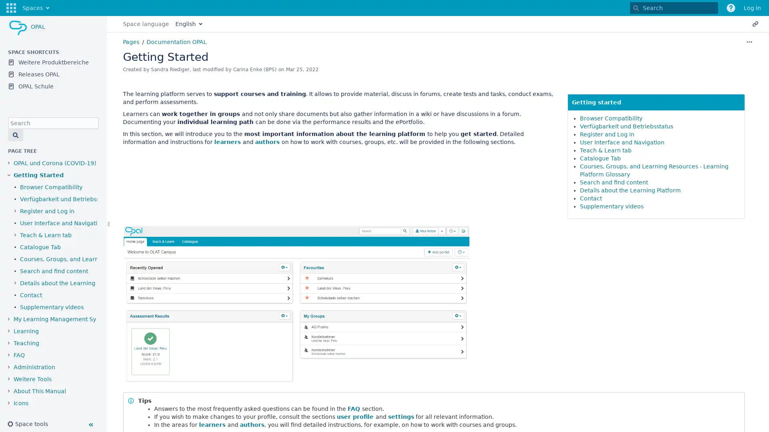 The width and height of the screenshot is (769, 432). What do you see at coordinates (15, 135) in the screenshot?
I see `Search` at bounding box center [15, 135].